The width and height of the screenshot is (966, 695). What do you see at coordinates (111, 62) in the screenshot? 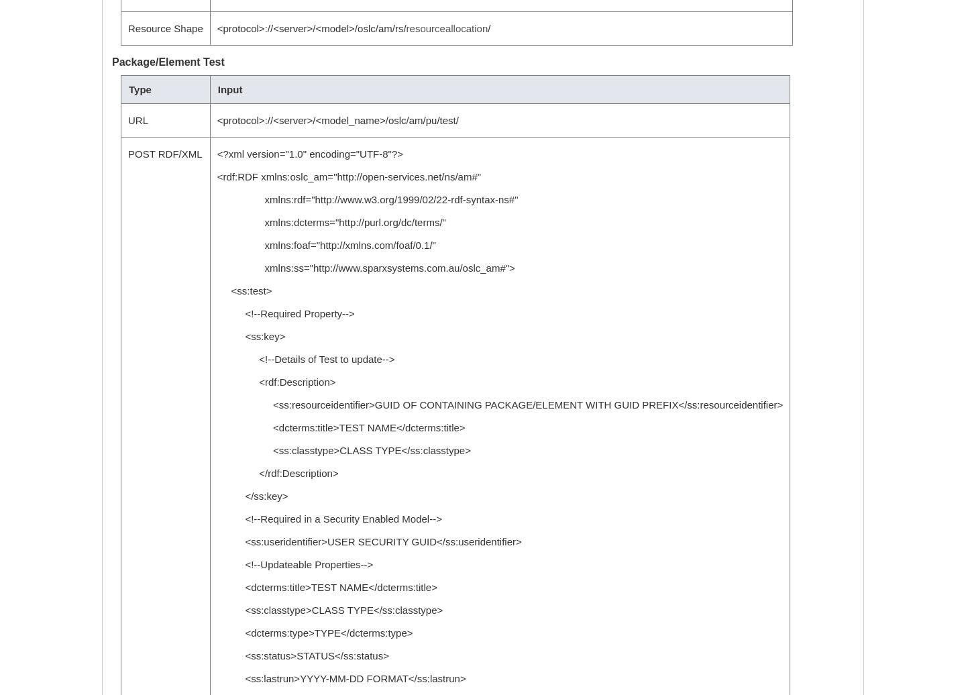
I see `'Package/Element Test'` at bounding box center [111, 62].